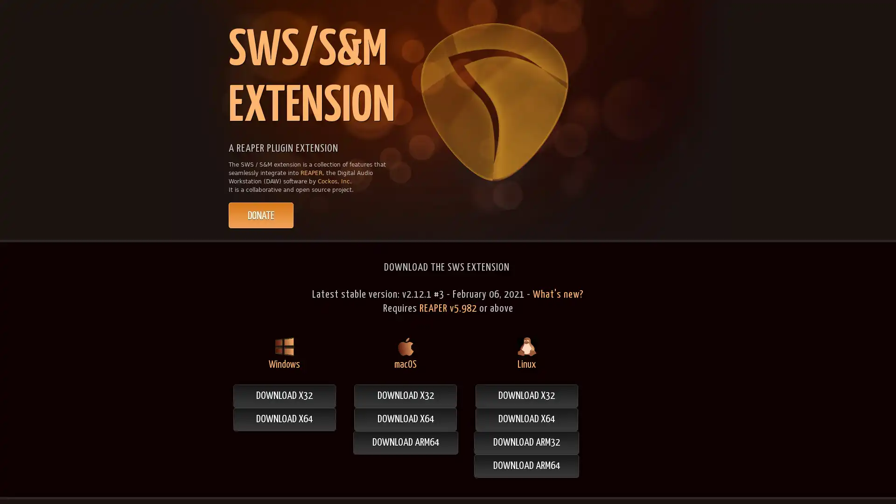 The width and height of the screenshot is (896, 504). I want to click on DOWNLOAD ARM64, so click(447, 442).